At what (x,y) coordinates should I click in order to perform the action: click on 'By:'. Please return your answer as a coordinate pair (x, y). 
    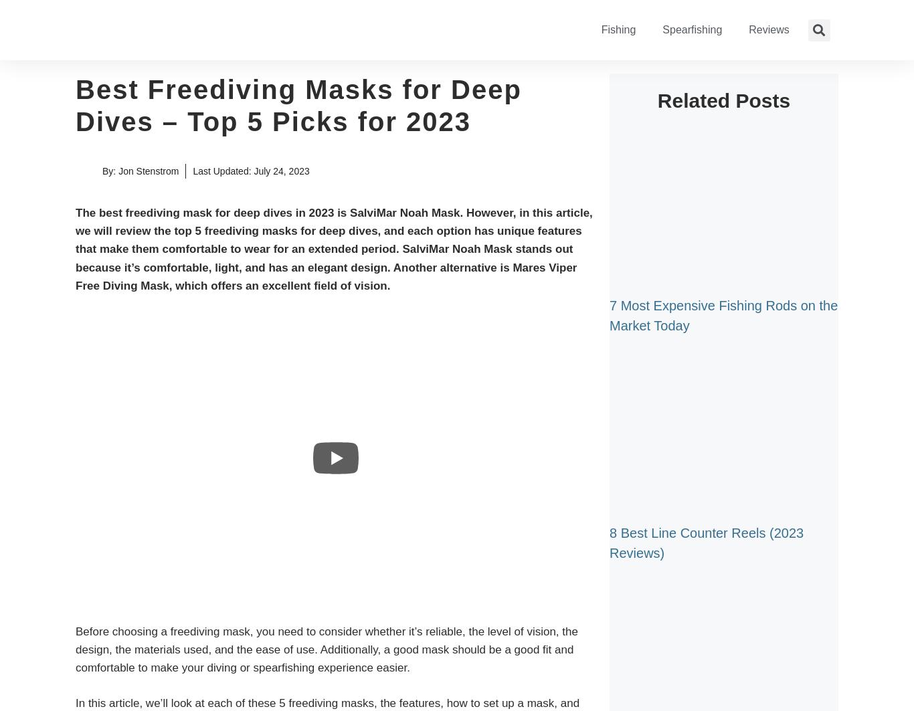
    Looking at the image, I should click on (110, 171).